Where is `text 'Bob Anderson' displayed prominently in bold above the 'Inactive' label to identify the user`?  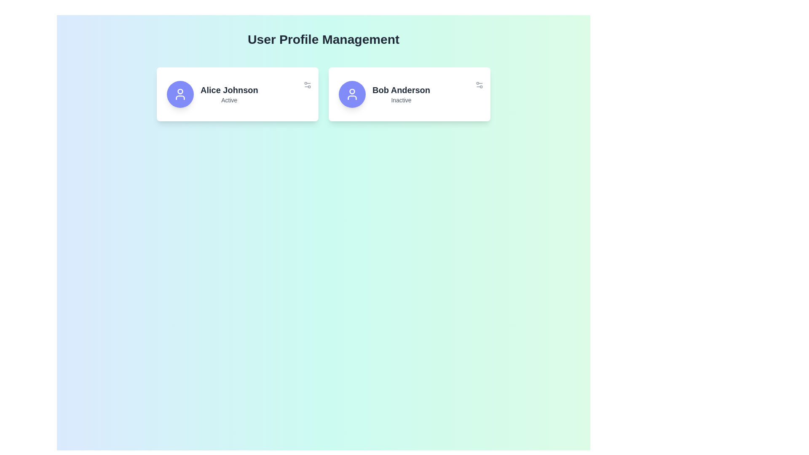 text 'Bob Anderson' displayed prominently in bold above the 'Inactive' label to identify the user is located at coordinates (401, 90).